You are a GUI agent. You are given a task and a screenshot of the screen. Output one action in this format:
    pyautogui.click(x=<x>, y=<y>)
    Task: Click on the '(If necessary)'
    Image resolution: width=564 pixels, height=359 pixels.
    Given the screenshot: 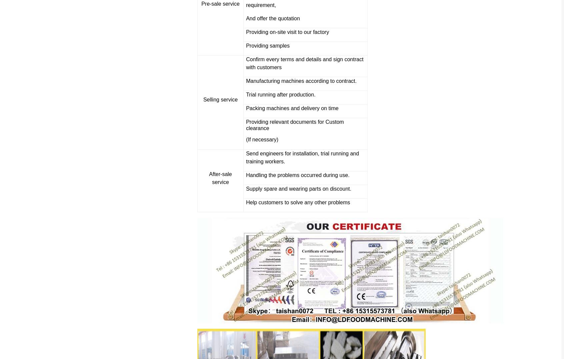 What is the action you would take?
    pyautogui.click(x=246, y=139)
    